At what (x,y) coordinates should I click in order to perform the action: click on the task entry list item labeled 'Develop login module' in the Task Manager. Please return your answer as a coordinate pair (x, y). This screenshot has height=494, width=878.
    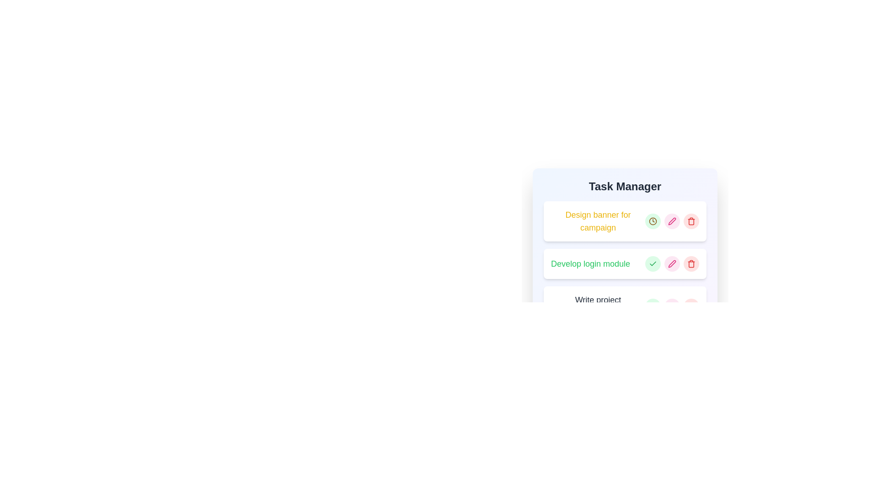
    Looking at the image, I should click on (625, 264).